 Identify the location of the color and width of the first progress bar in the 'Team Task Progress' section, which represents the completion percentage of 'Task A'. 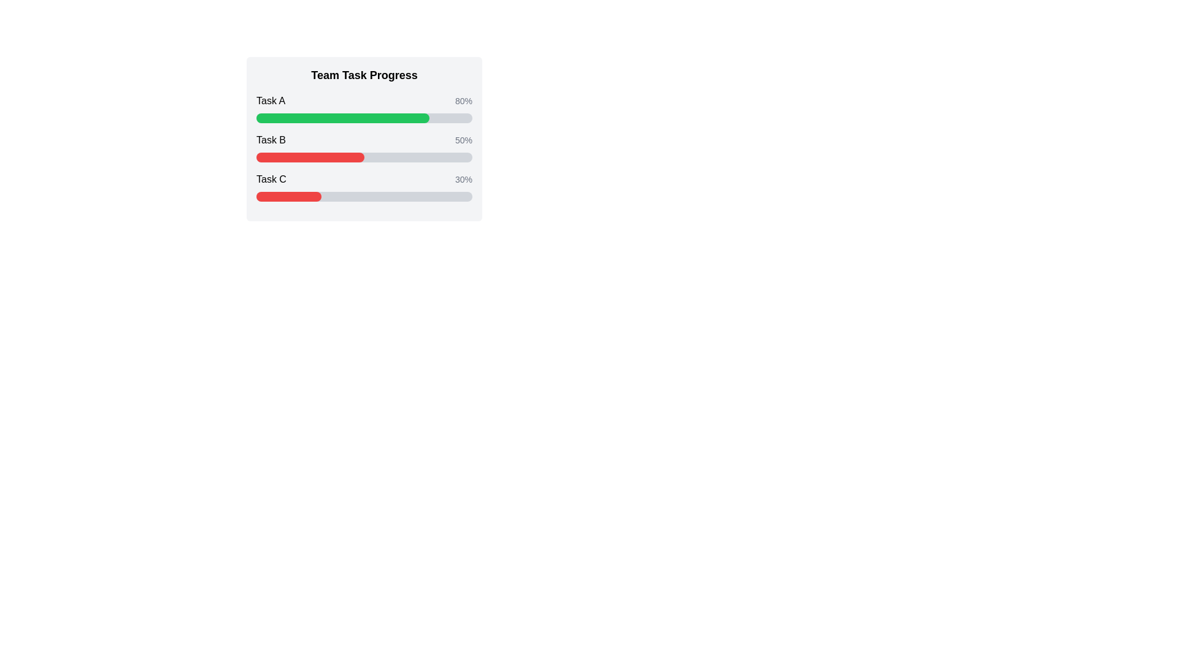
(364, 108).